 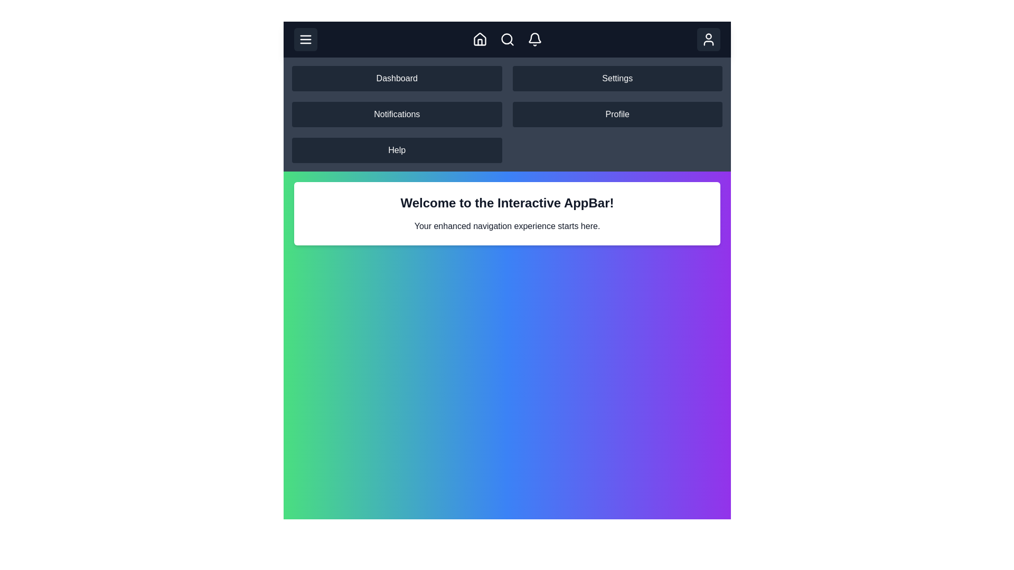 I want to click on the Home button in the navigation bar, so click(x=479, y=39).